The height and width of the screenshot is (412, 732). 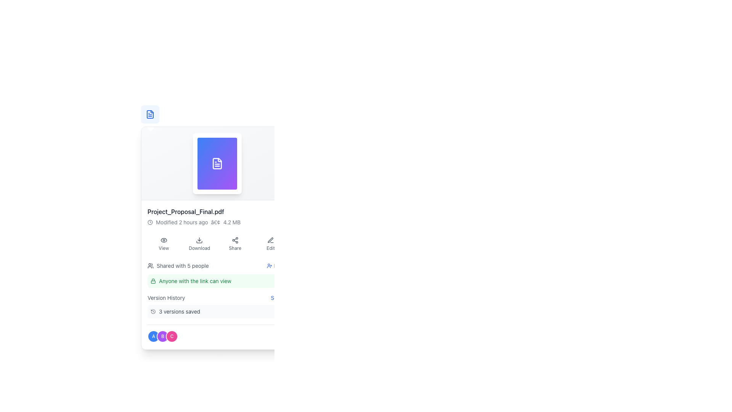 What do you see at coordinates (199, 244) in the screenshot?
I see `the 'Download' button, which features a downward arrow icon and the text 'Download' in a smaller font, to initiate the download process` at bounding box center [199, 244].